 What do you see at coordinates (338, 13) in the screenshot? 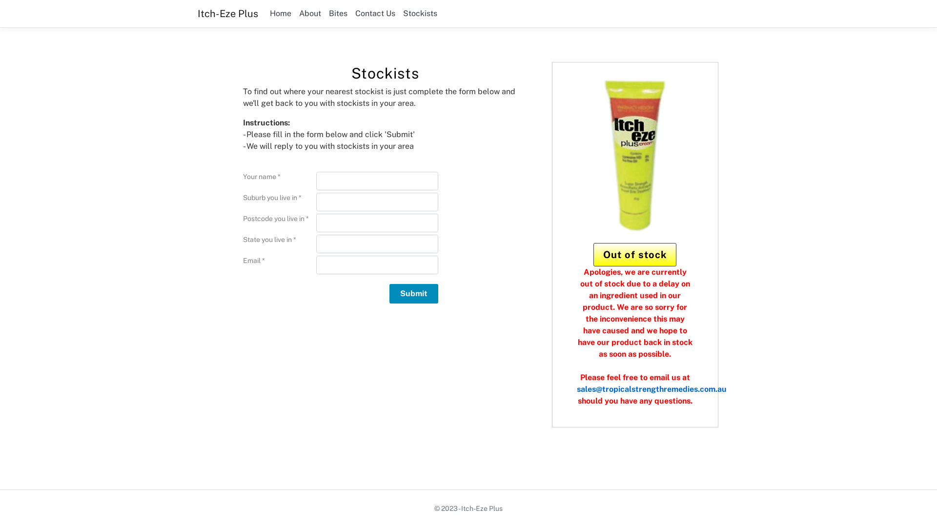
I see `'Bites'` at bounding box center [338, 13].